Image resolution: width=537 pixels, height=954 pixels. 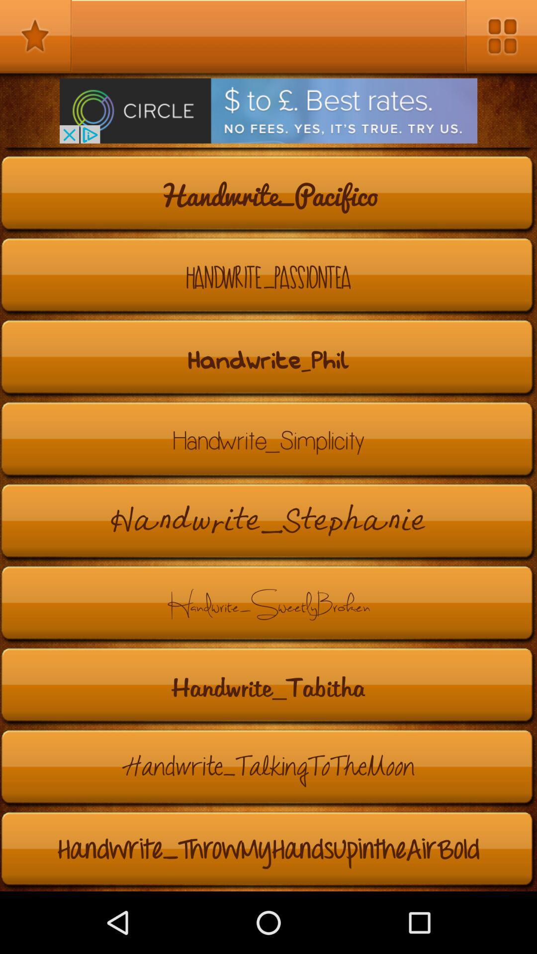 What do you see at coordinates (501, 36) in the screenshot?
I see `menu options` at bounding box center [501, 36].